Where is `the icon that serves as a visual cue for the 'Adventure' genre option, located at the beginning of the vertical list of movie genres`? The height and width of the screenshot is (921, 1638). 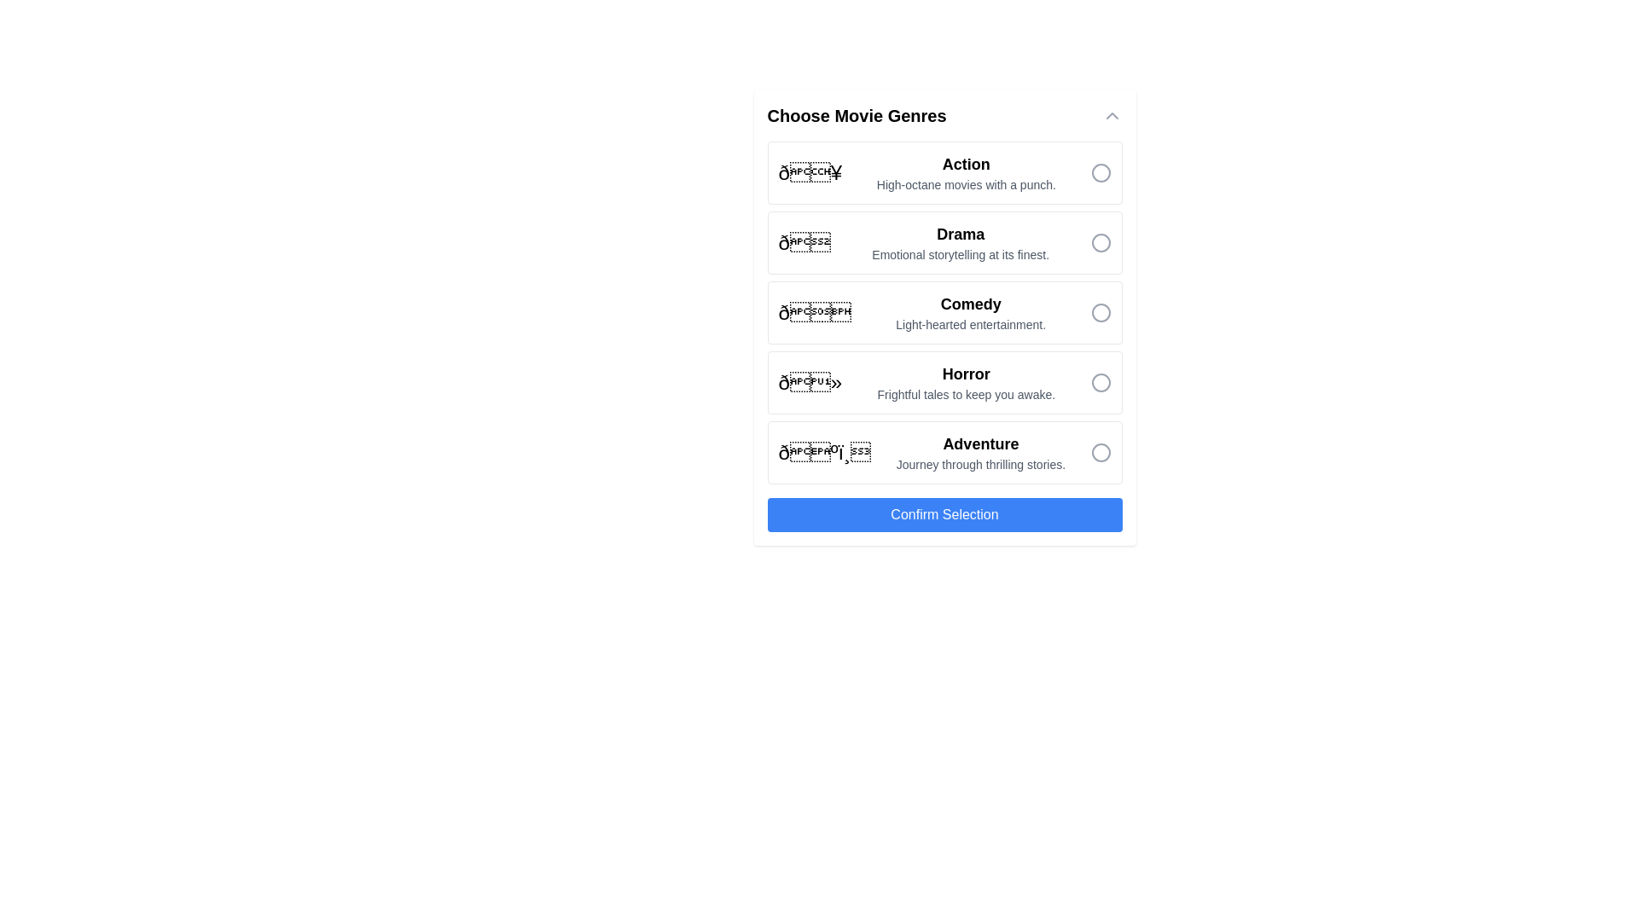 the icon that serves as a visual cue for the 'Adventure' genre option, located at the beginning of the vertical list of movie genres is located at coordinates (824, 452).